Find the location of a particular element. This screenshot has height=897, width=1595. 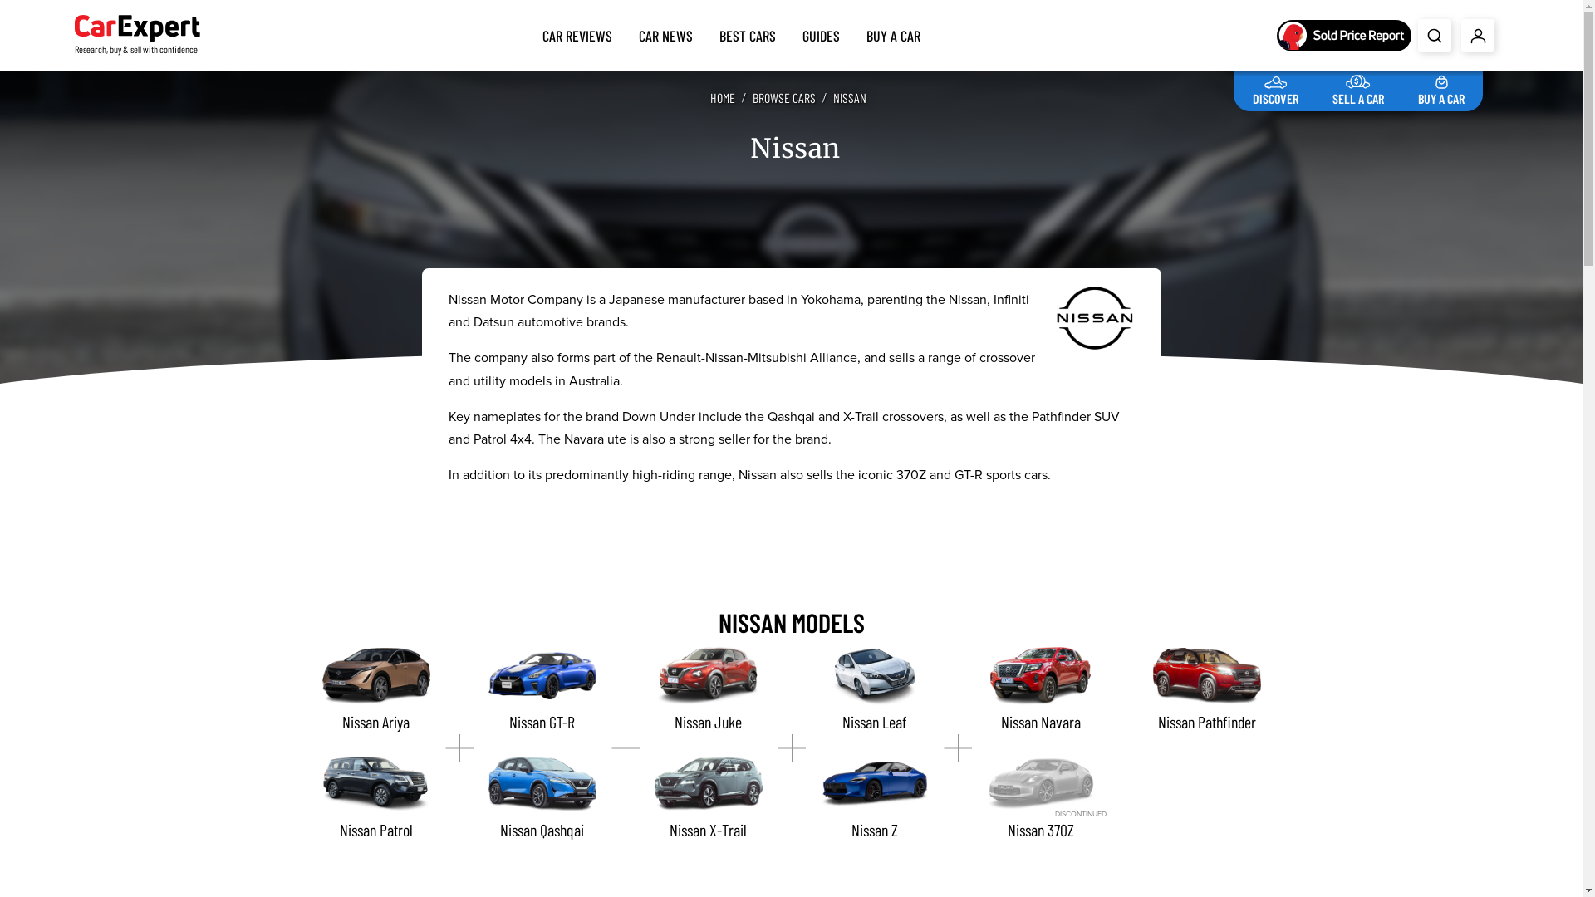

'Nissan Navara' is located at coordinates (1039, 689).